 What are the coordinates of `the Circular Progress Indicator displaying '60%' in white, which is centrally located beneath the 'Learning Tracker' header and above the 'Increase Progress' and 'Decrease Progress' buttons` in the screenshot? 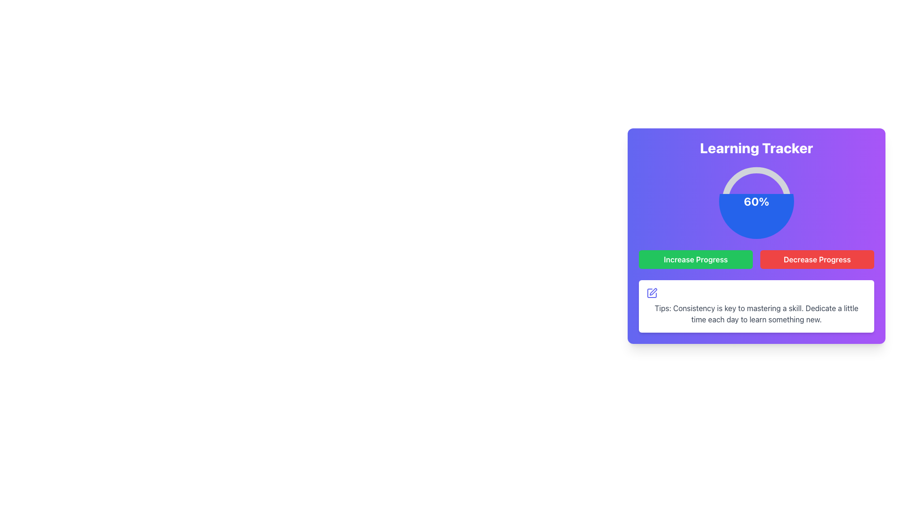 It's located at (756, 201).